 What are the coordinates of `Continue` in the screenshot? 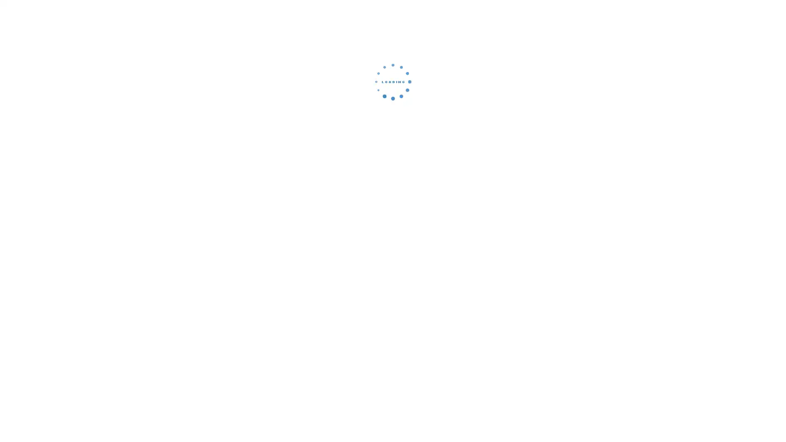 It's located at (393, 137).